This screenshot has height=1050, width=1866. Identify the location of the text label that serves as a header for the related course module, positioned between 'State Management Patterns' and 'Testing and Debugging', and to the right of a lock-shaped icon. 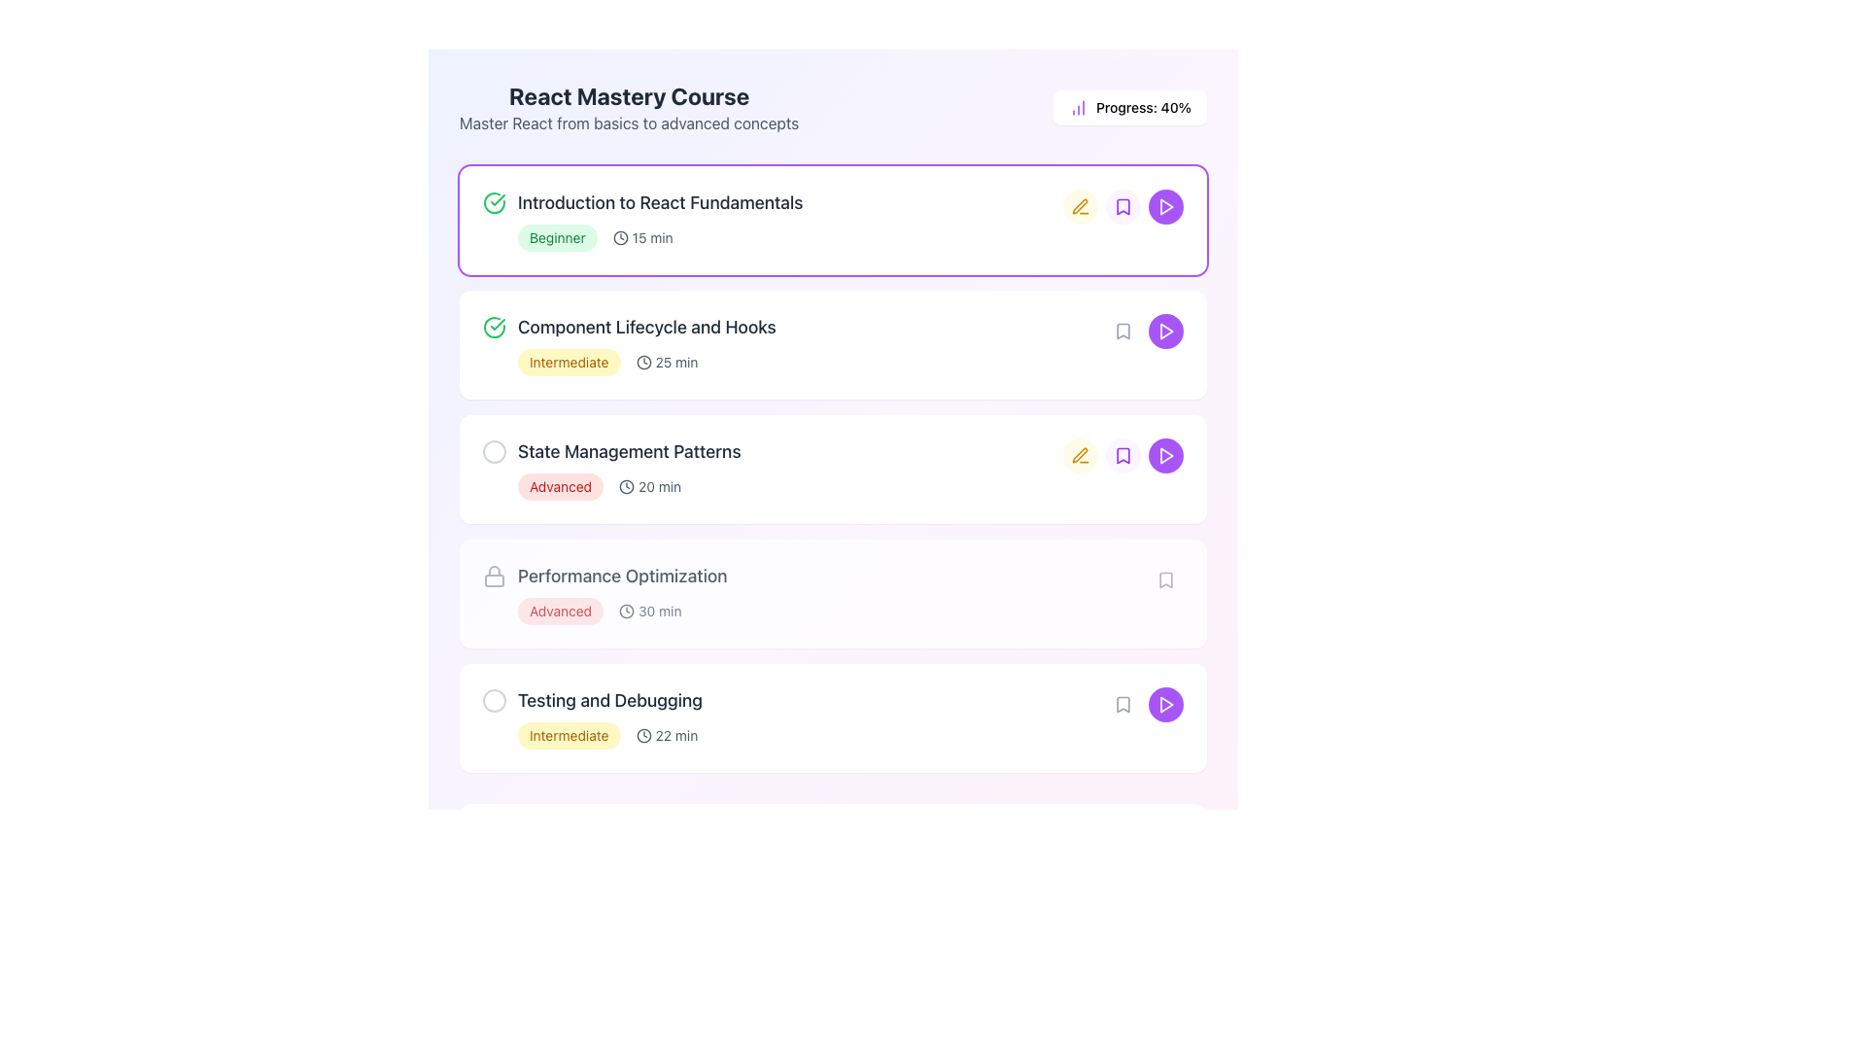
(622, 576).